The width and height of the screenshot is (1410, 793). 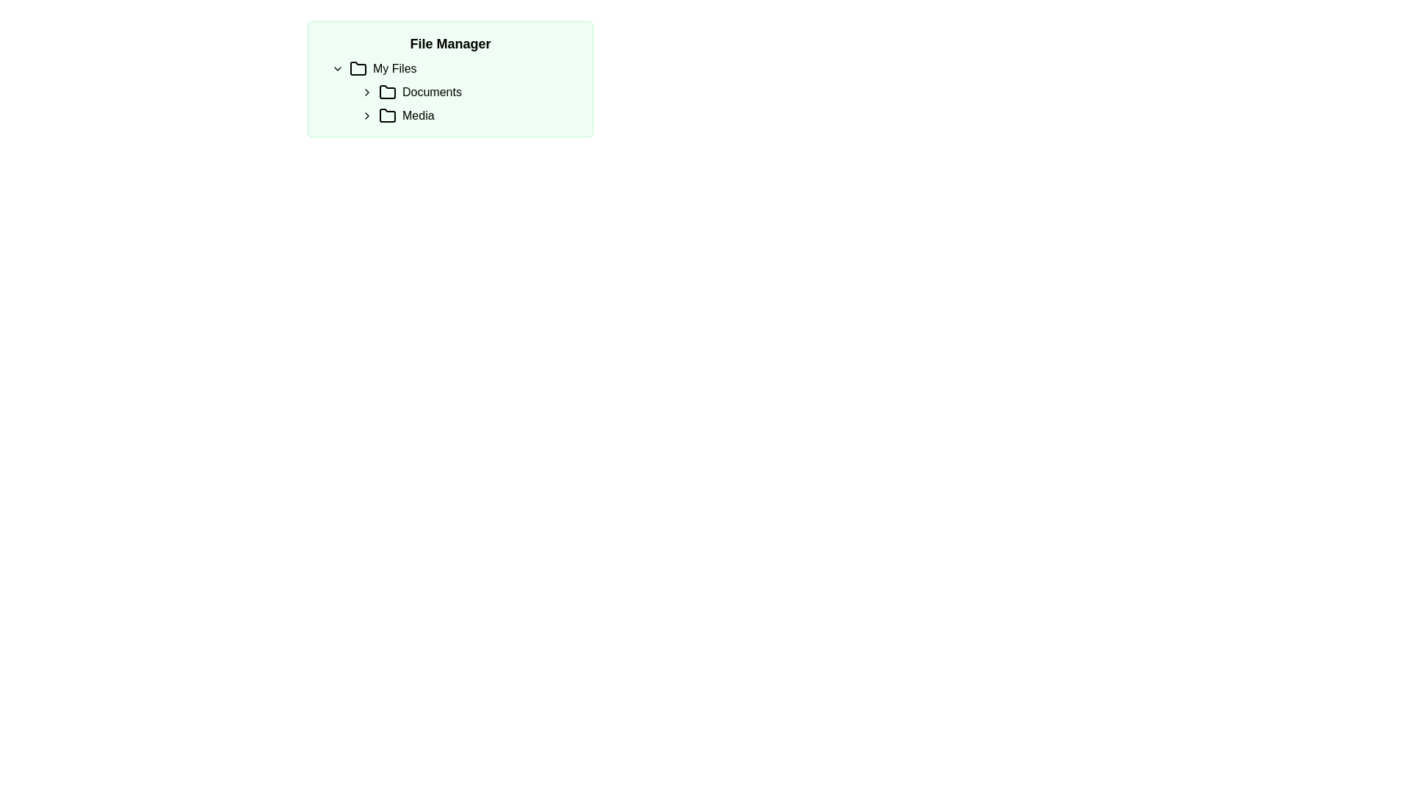 I want to click on the 'Media' folder icon, so click(x=388, y=115).